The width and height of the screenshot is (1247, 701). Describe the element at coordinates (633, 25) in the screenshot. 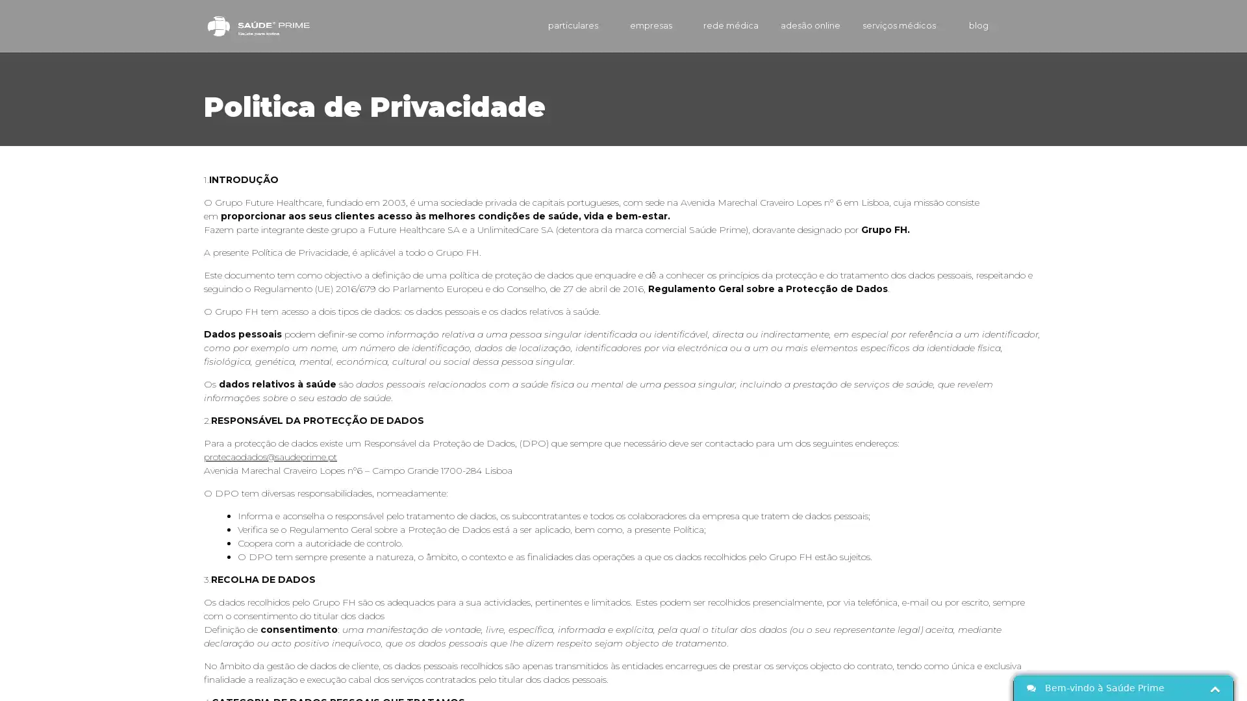

I see `empresas` at that location.